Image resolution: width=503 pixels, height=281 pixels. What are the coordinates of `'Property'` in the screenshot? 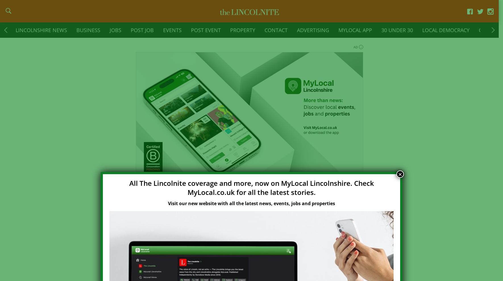 It's located at (243, 33).